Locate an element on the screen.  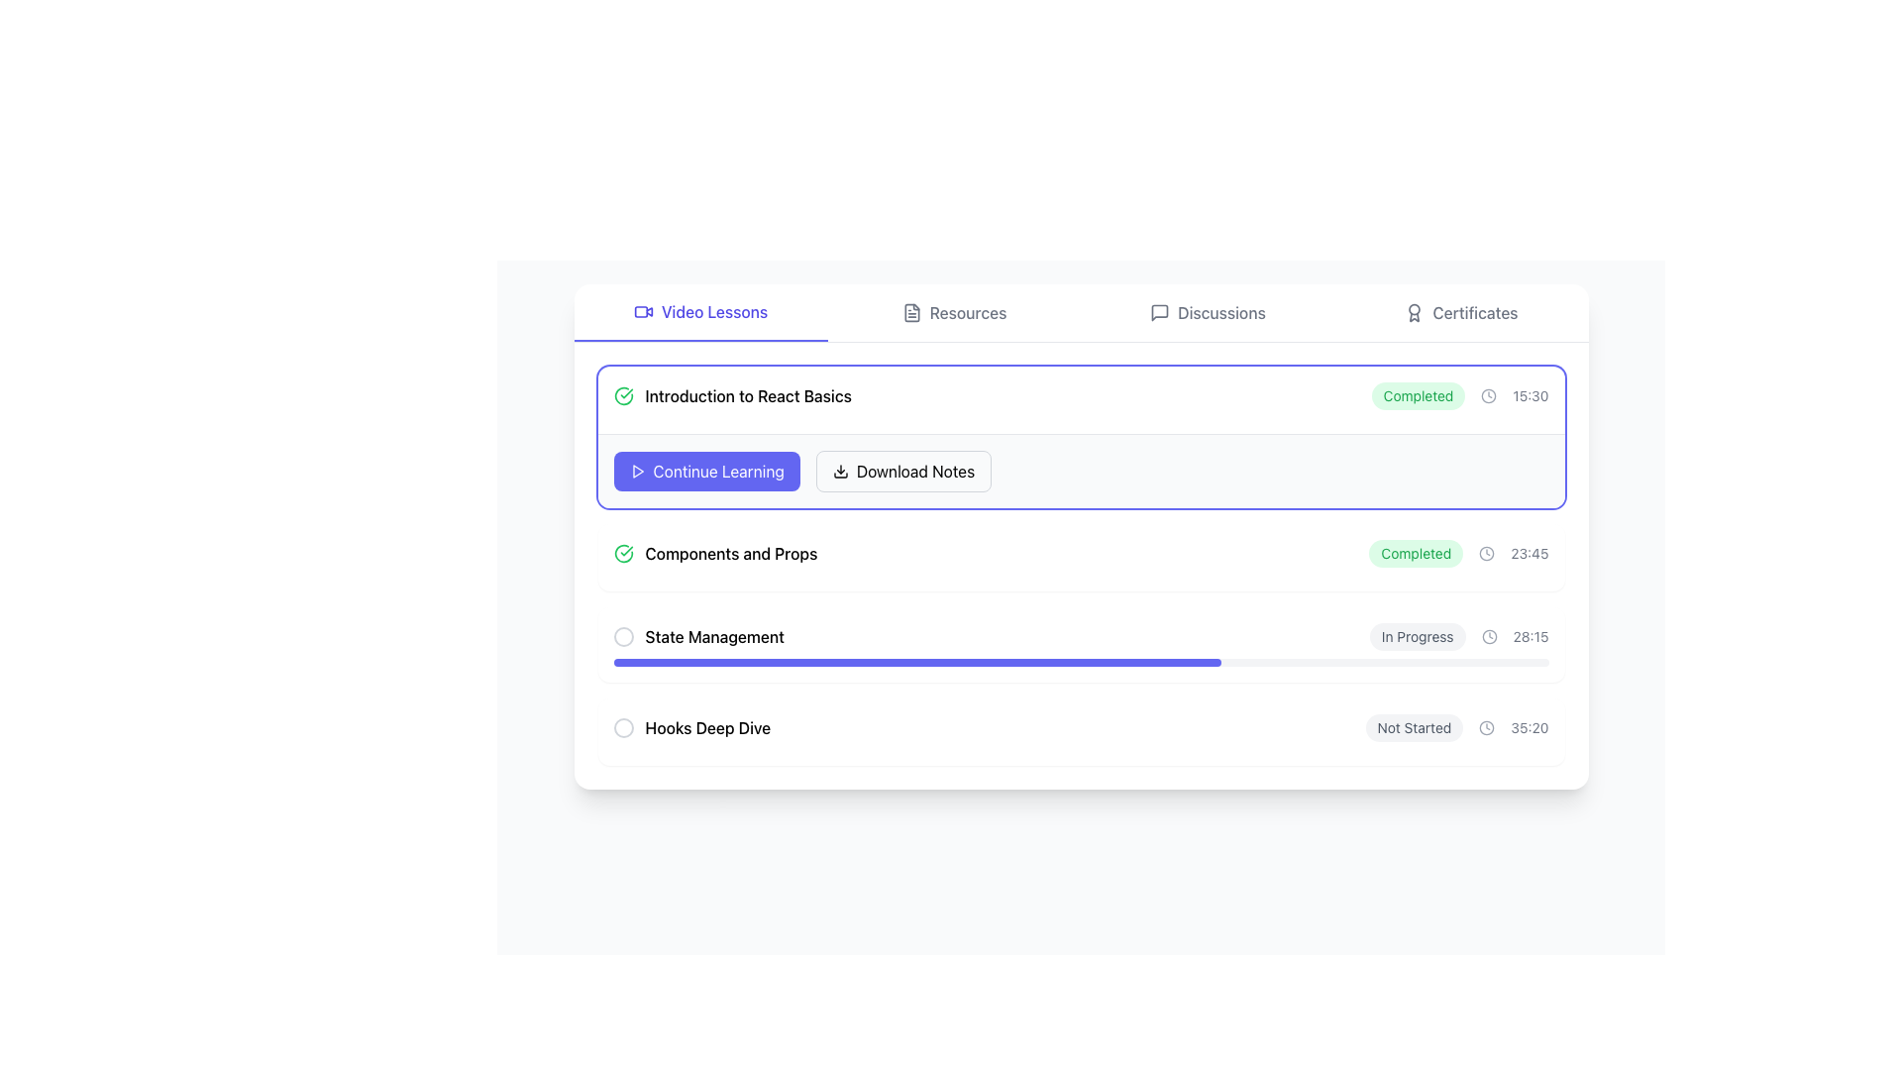
the progress bar located under the 'State Management' section, beneath the text 'In Progress' and the timer '28:15'. This thin, horizontal rectangular element has a gray background with a blue filled portion indicating progress is located at coordinates (1080, 662).